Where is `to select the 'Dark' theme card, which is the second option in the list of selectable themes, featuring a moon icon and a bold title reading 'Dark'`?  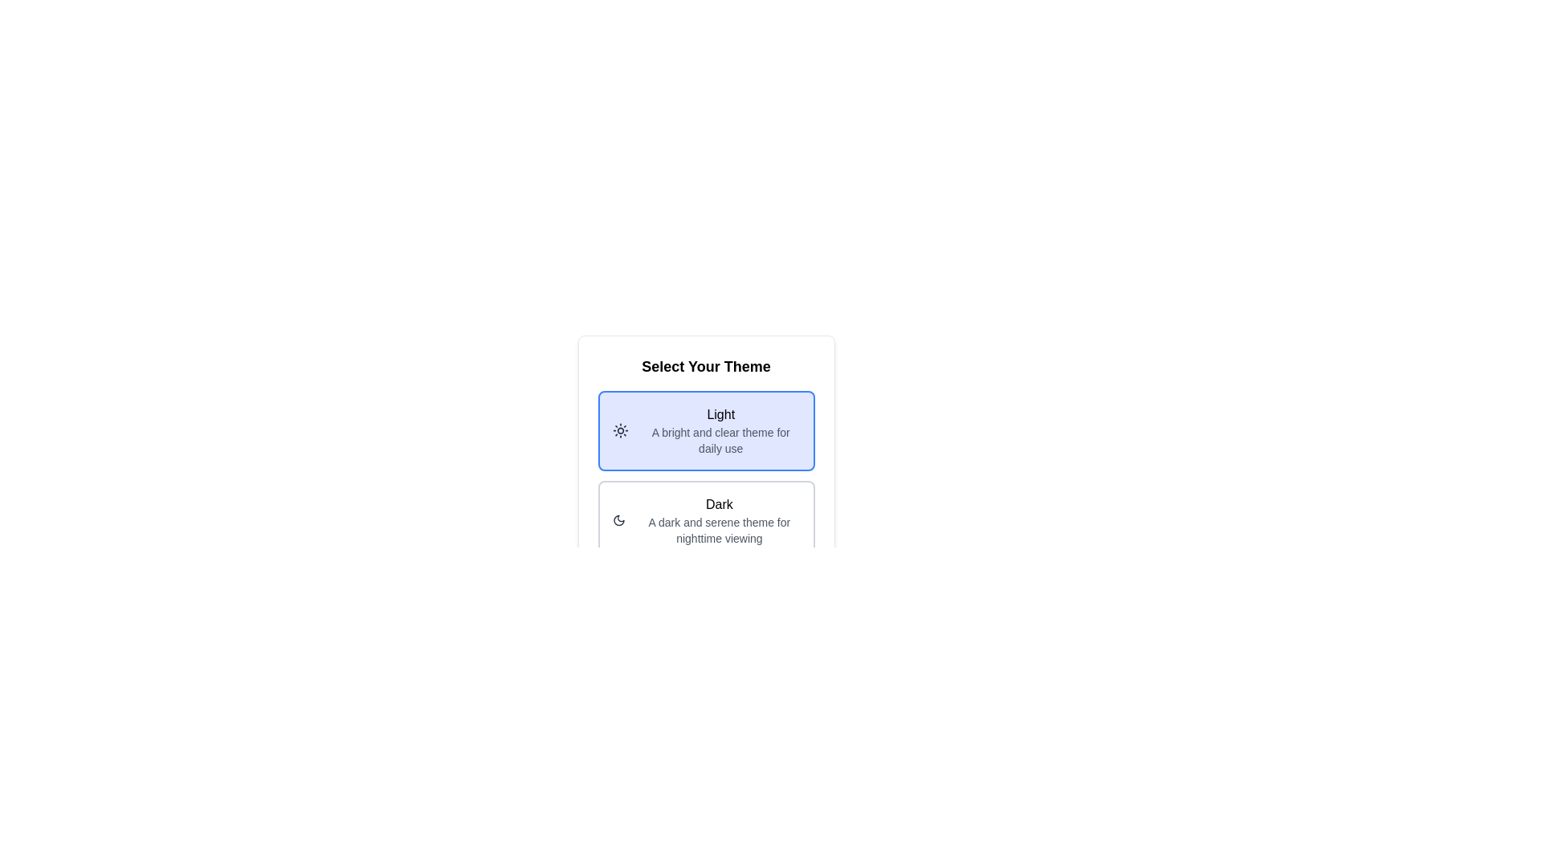
to select the 'Dark' theme card, which is the second option in the list of selectable themes, featuring a moon icon and a bold title reading 'Dark' is located at coordinates (706, 520).